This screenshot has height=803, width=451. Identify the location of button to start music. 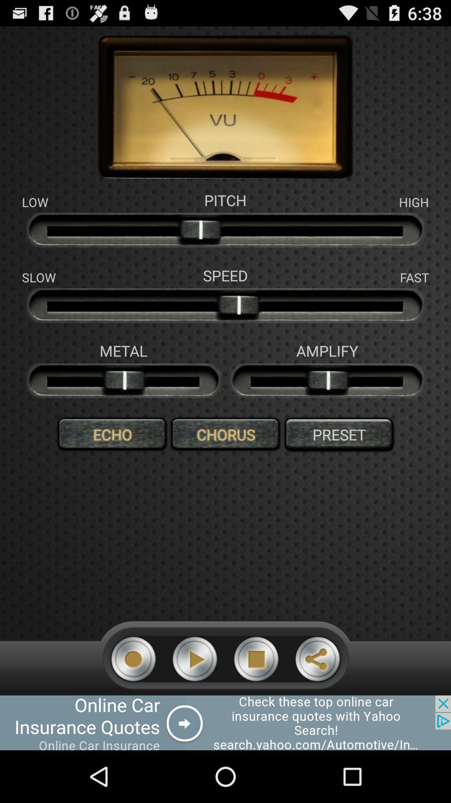
(195, 659).